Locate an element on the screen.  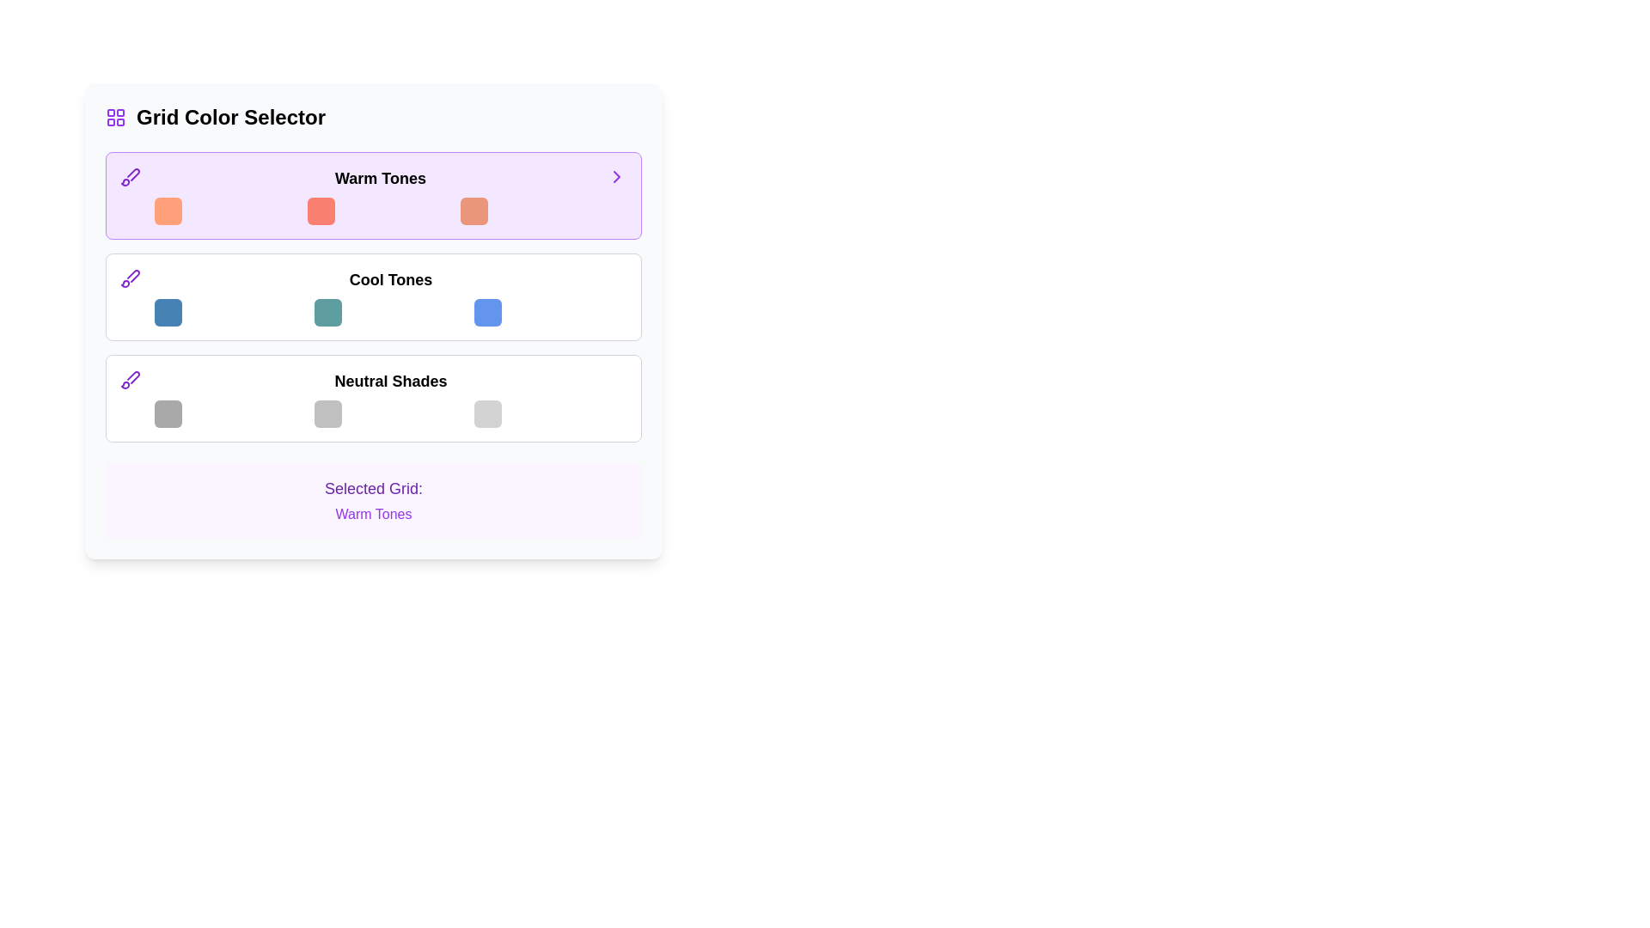
the 'Warm Tones' text label, which is styled in purple and positioned within the 'Selected Grid' section, located at the bottom of the main interface layout is located at coordinates (373, 513).